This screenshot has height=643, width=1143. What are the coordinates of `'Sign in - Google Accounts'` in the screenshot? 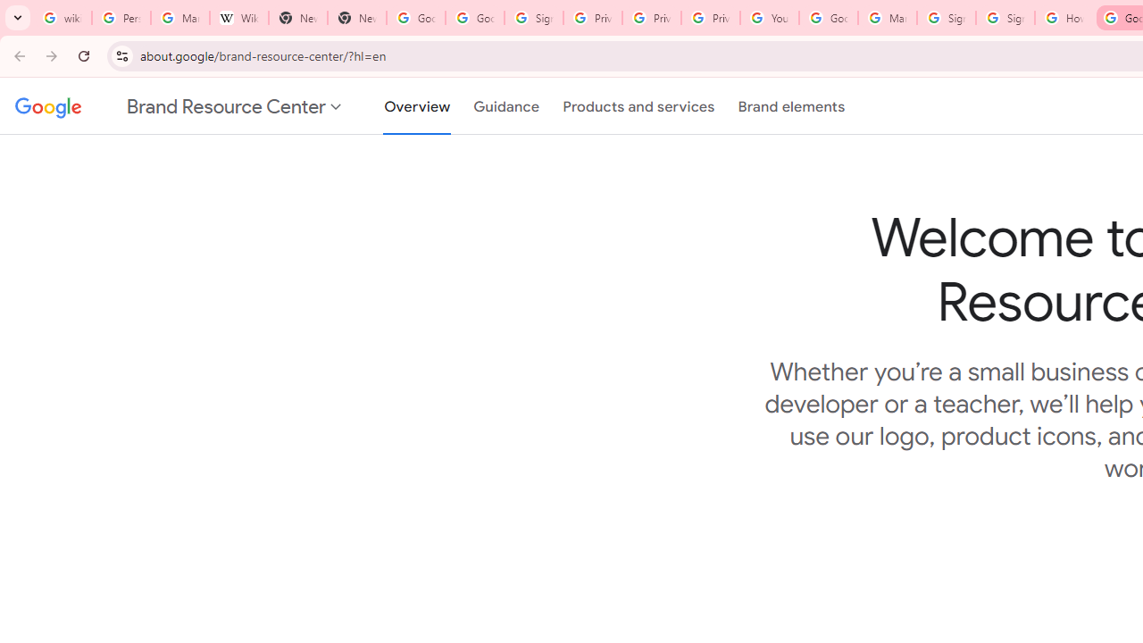 It's located at (1005, 18).